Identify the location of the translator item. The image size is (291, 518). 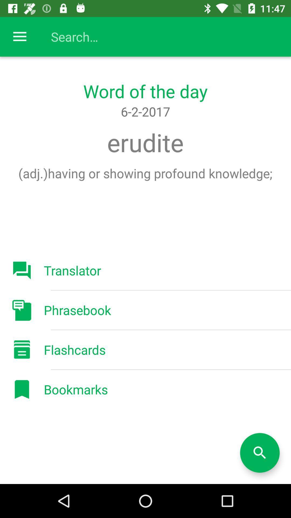
(72, 270).